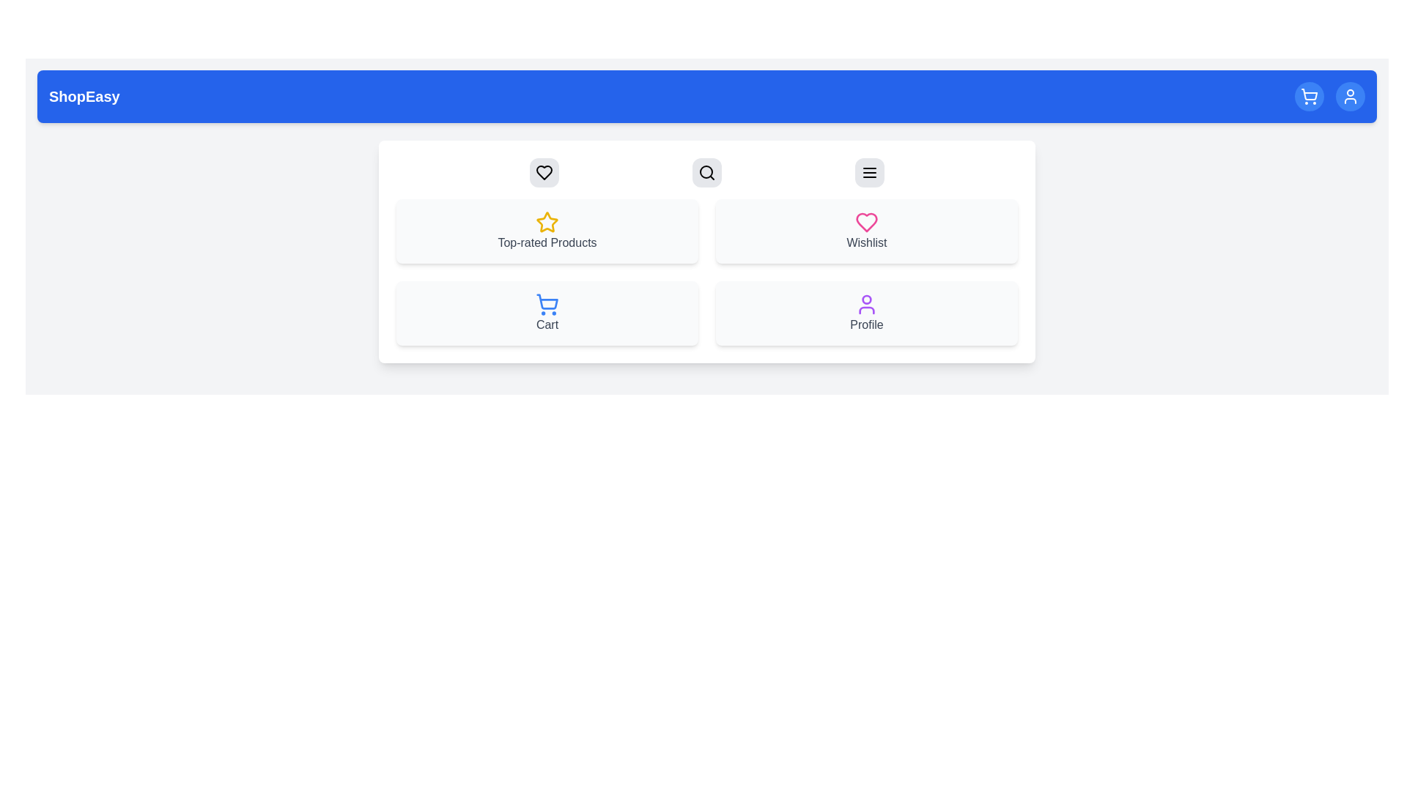 The image size is (1407, 791). I want to click on the pink heart icon located in the 'Wishlist' section, centered above the 'Wishlist' text label, which represents a 'like' or 'favorite' function, so click(866, 223).